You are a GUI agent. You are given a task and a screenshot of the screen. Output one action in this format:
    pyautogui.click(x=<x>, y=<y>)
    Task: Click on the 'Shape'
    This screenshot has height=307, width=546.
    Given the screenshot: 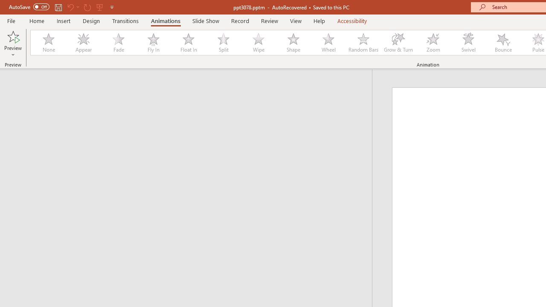 What is the action you would take?
    pyautogui.click(x=293, y=43)
    